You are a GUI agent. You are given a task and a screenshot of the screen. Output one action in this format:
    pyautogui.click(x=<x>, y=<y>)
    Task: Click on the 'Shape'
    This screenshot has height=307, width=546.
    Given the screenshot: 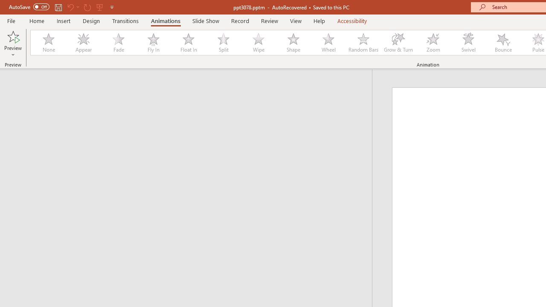 What is the action you would take?
    pyautogui.click(x=293, y=43)
    